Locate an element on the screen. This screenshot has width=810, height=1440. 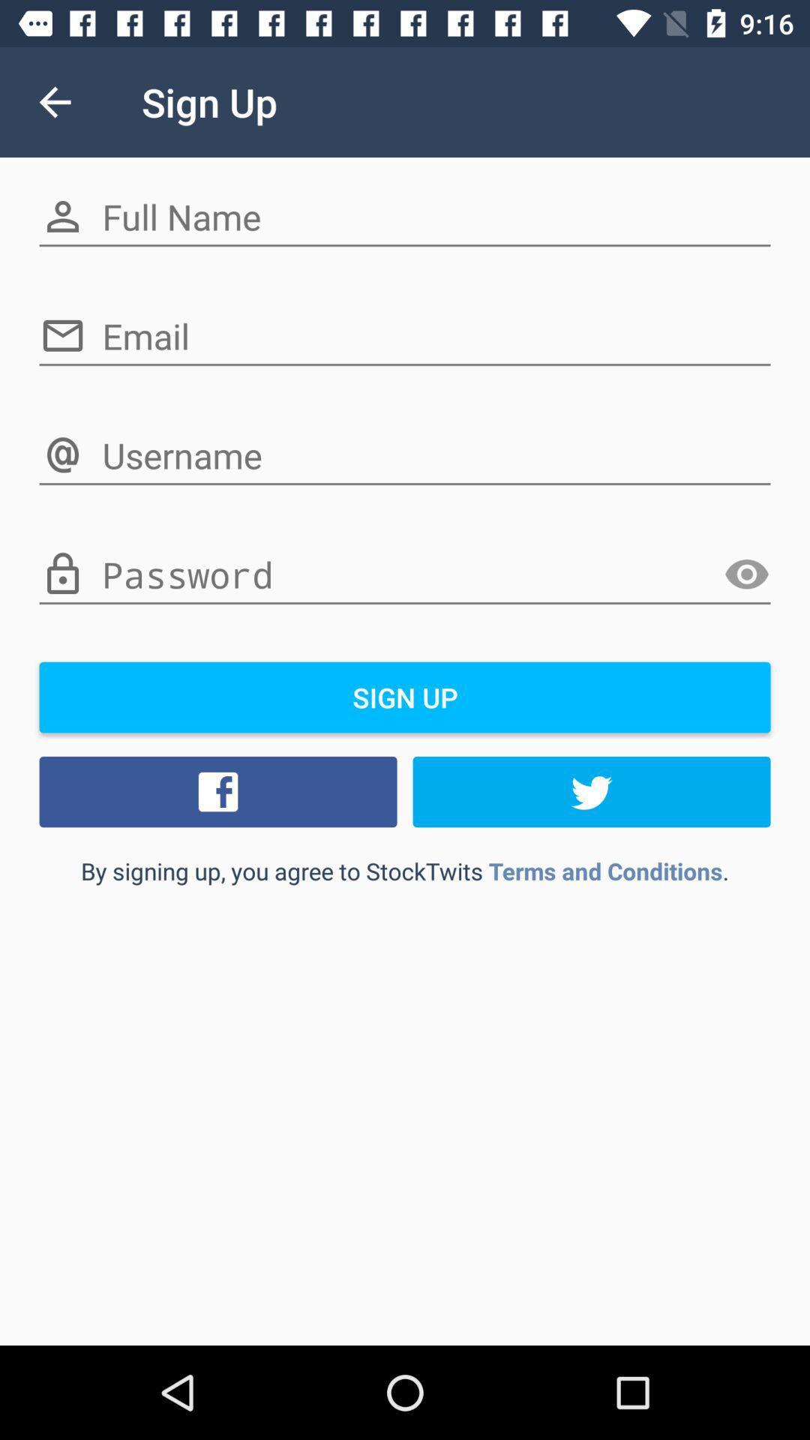
icon below the sign up item is located at coordinates (591, 791).